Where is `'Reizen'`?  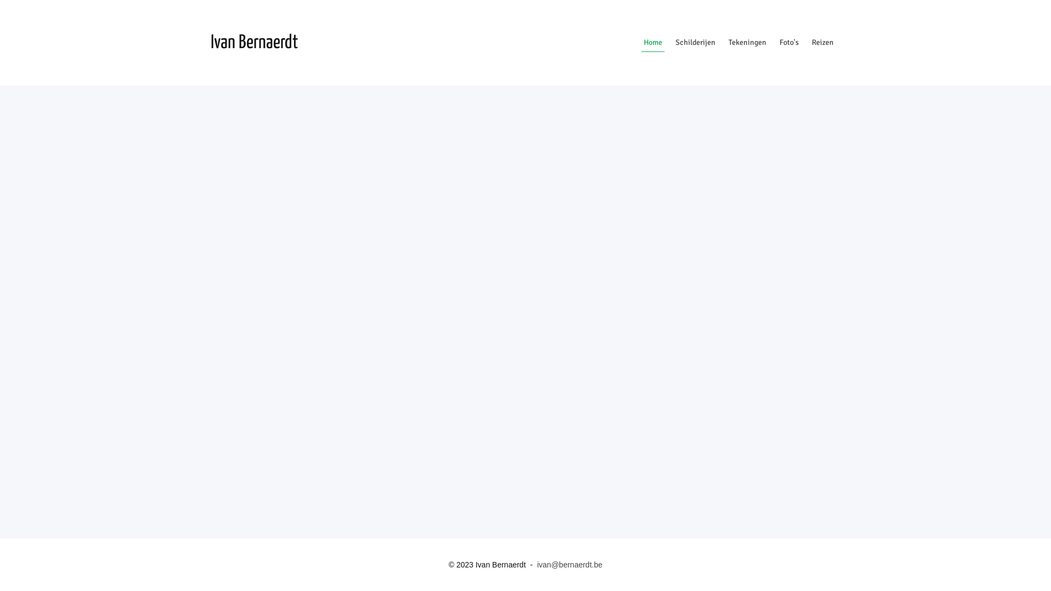 'Reizen' is located at coordinates (822, 42).